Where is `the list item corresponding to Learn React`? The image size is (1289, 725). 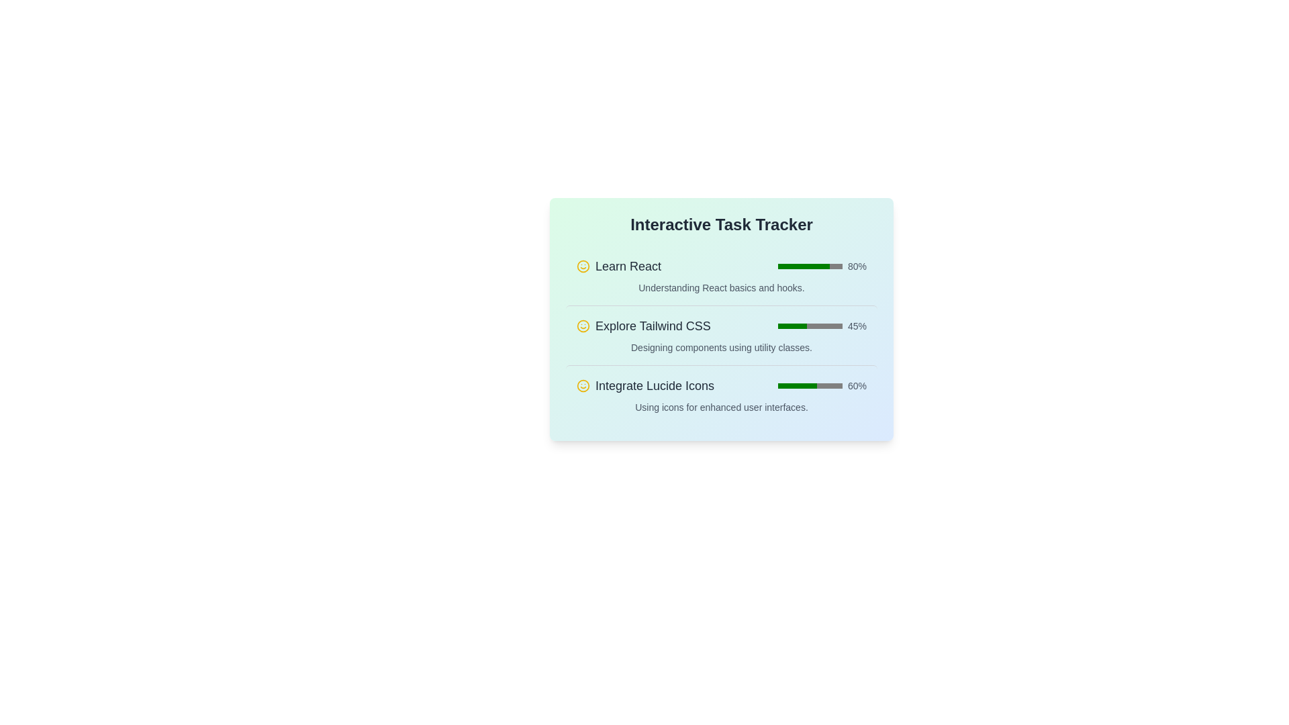
the list item corresponding to Learn React is located at coordinates (721, 275).